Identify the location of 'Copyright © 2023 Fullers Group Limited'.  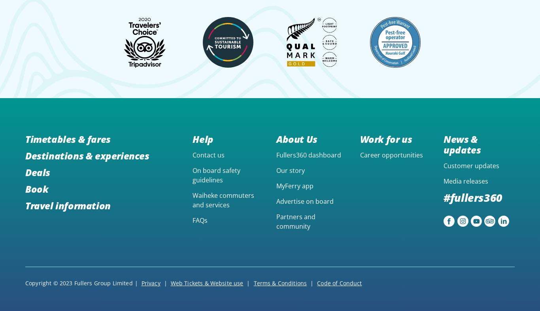
(78, 283).